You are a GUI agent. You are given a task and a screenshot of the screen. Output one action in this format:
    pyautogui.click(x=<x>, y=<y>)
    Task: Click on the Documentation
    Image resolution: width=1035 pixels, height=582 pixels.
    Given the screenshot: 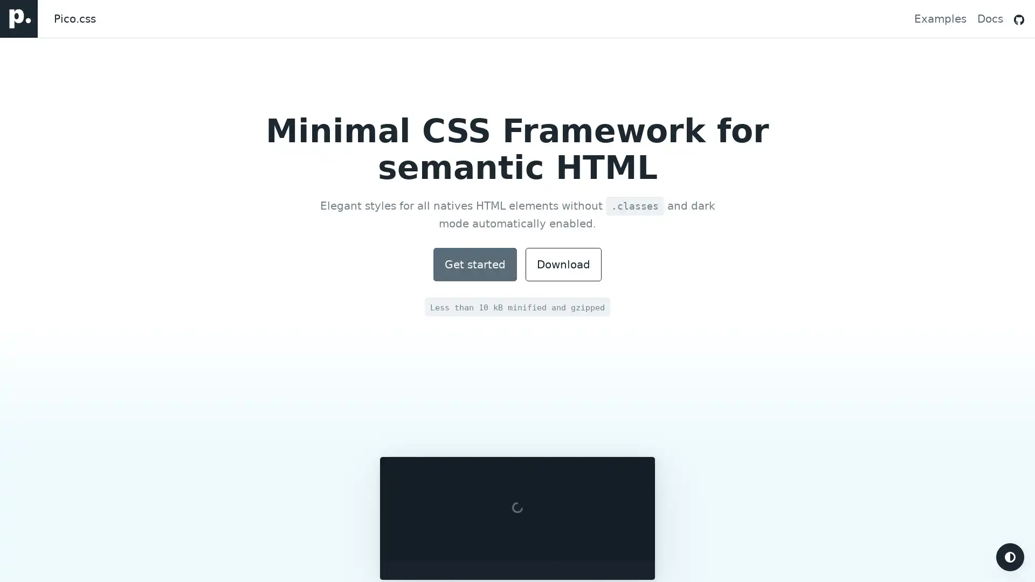 What is the action you would take?
    pyautogui.click(x=474, y=264)
    